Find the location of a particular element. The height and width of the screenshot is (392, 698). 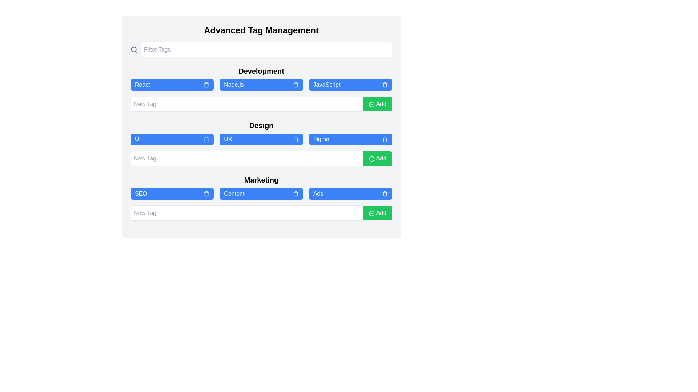

the textual header located centrally below the search bar, which serves as a title for the section containing tags such as 'React', 'Node.js', and 'JavaScript' is located at coordinates (261, 71).